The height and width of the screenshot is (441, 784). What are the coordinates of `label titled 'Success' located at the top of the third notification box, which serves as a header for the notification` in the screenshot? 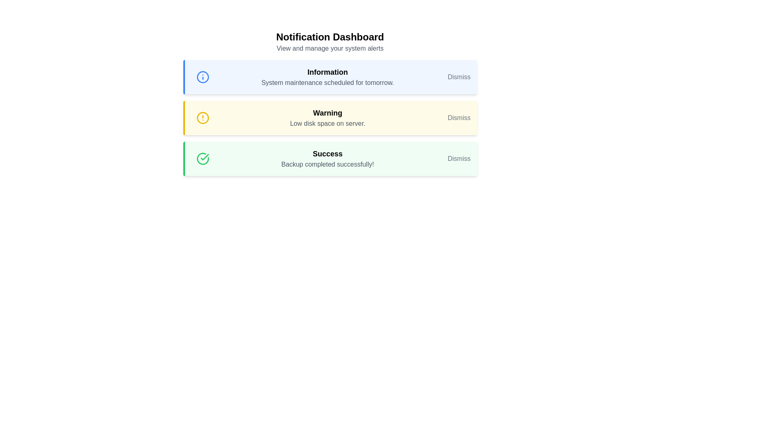 It's located at (327, 154).